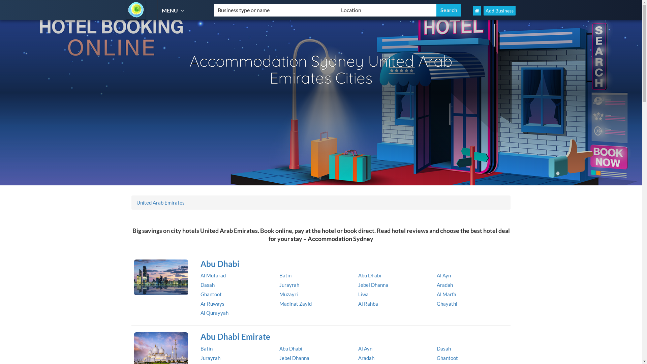 The width and height of the screenshot is (647, 364). I want to click on 'Dasah', so click(443, 348).